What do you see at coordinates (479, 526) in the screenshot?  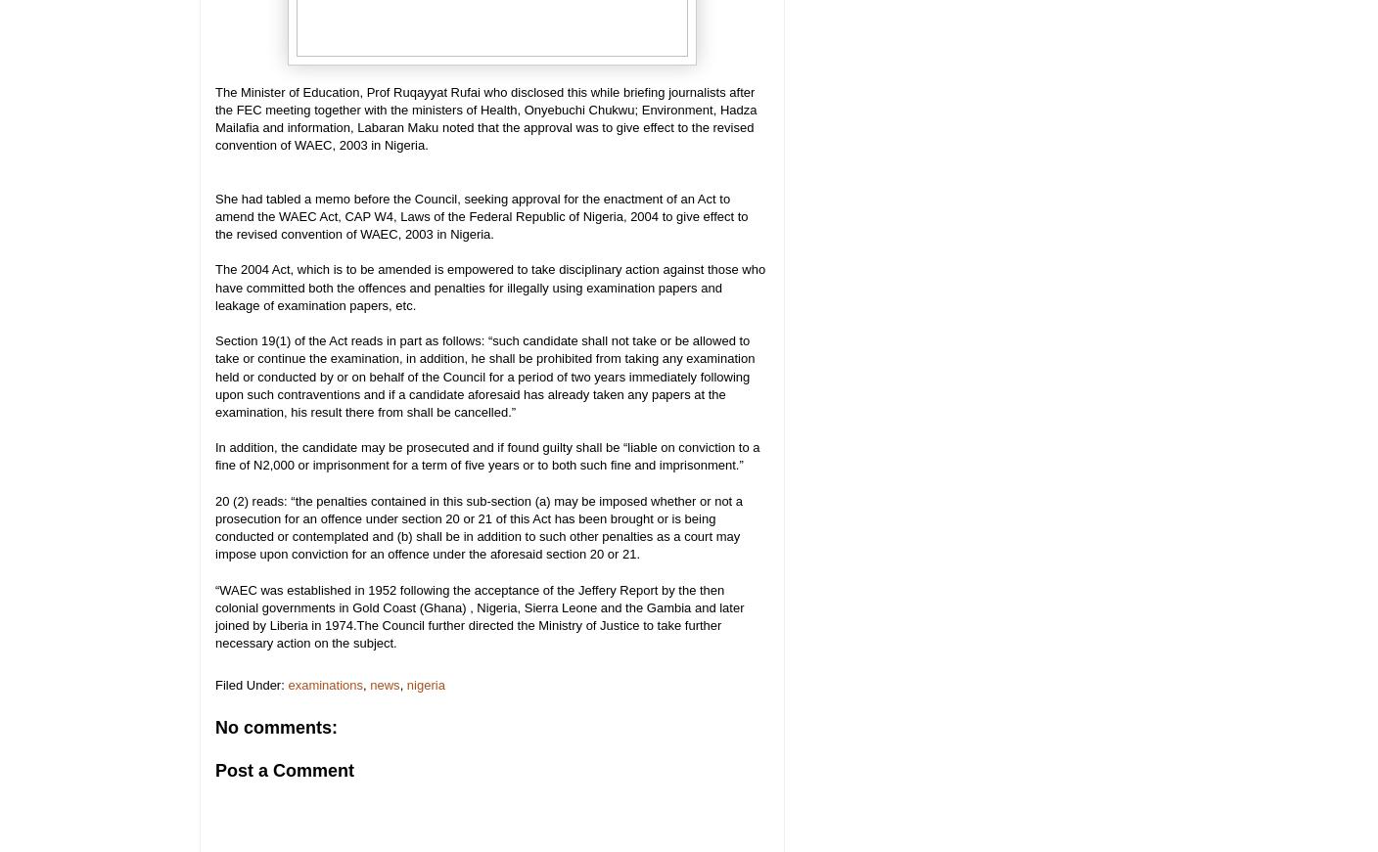 I see `'20 (2) reads: “the penalties contained in this sub-section (a) may be imposed whether or not a prosecution for an offence under section 20 or 21 of this Act has been brought or is being conducted or contemplated and (b) shall be in addition to such other penalties as a court may impose upon conviction for an offence under the aforesaid section 20 or 21.'` at bounding box center [479, 526].